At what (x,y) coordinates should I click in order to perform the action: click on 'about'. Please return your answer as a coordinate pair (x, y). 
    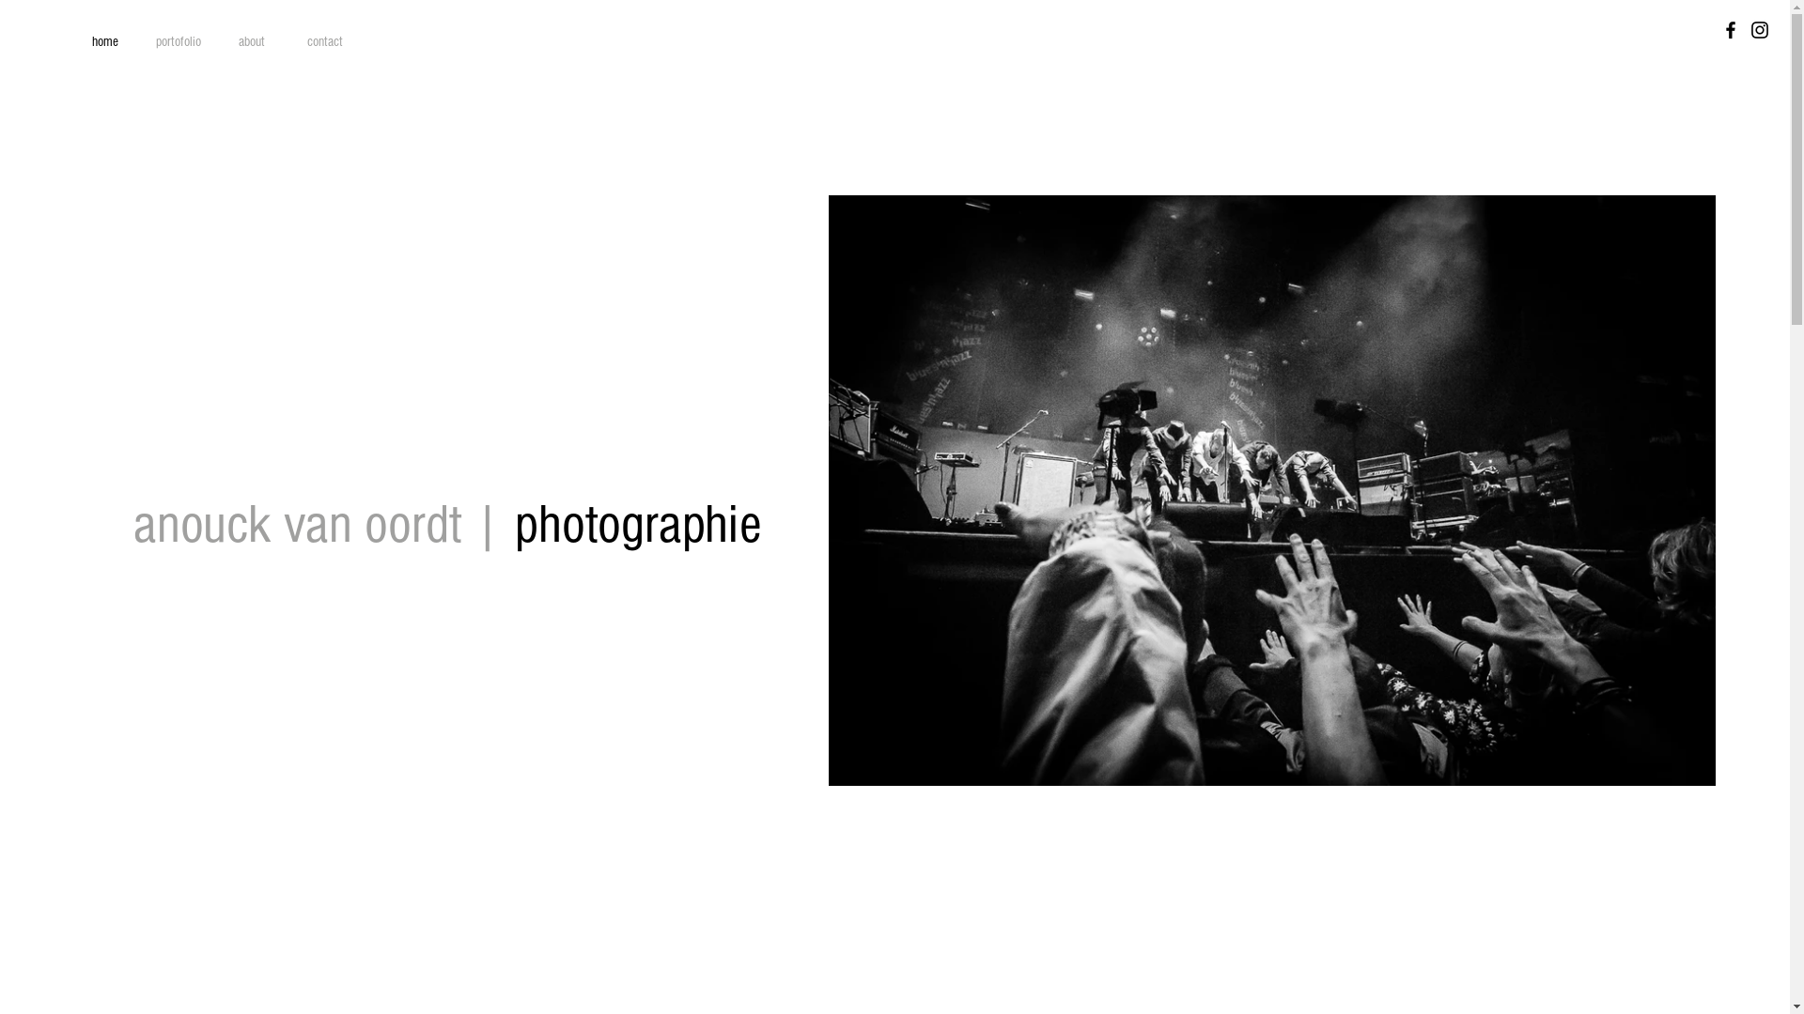
    Looking at the image, I should click on (215, 42).